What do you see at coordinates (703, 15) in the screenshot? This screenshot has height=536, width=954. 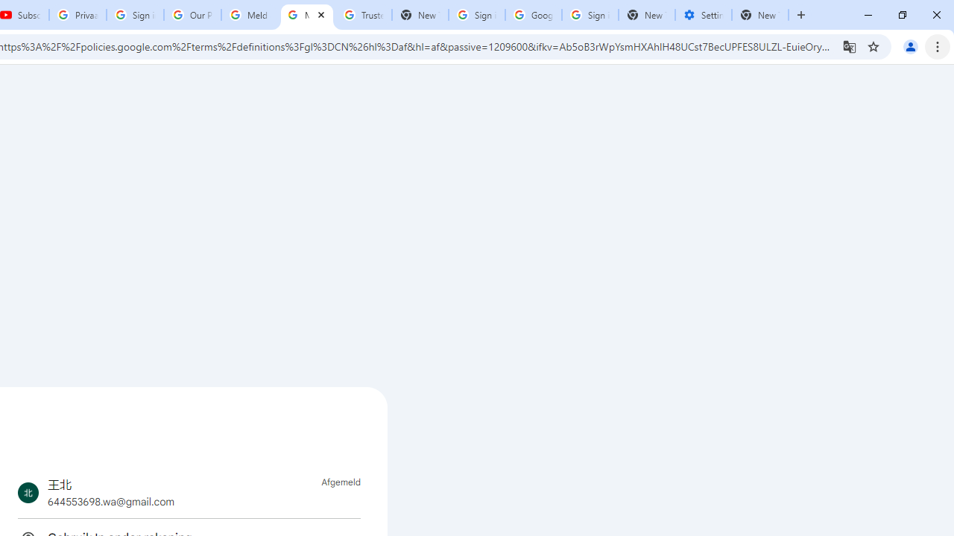 I see `'Settings - Addresses and more'` at bounding box center [703, 15].